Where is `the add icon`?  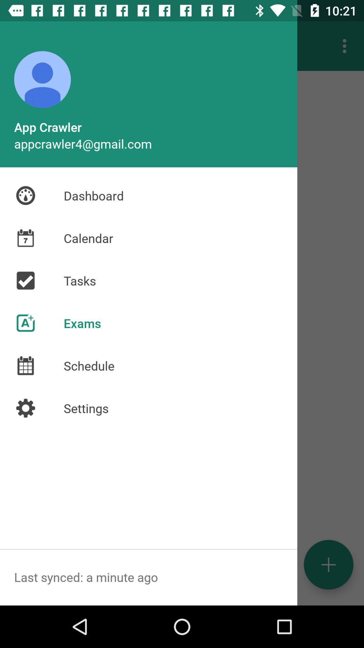 the add icon is located at coordinates (328, 565).